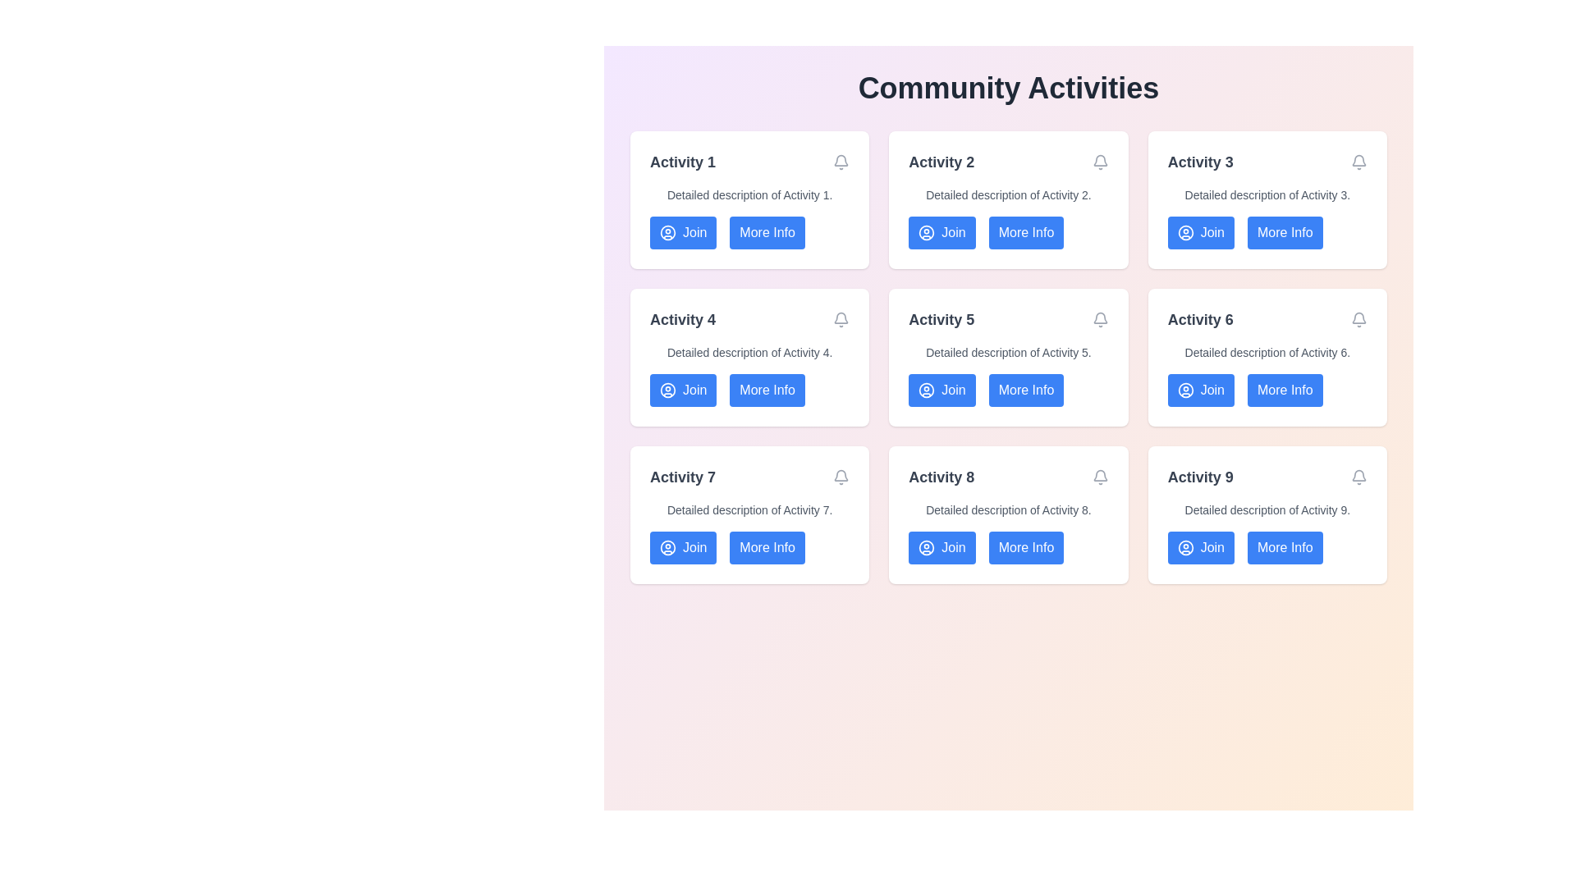 The height and width of the screenshot is (886, 1576). Describe the element at coordinates (1284, 233) in the screenshot. I see `the button located in the third card labeled 'Activity 3' in the grid layout` at that location.